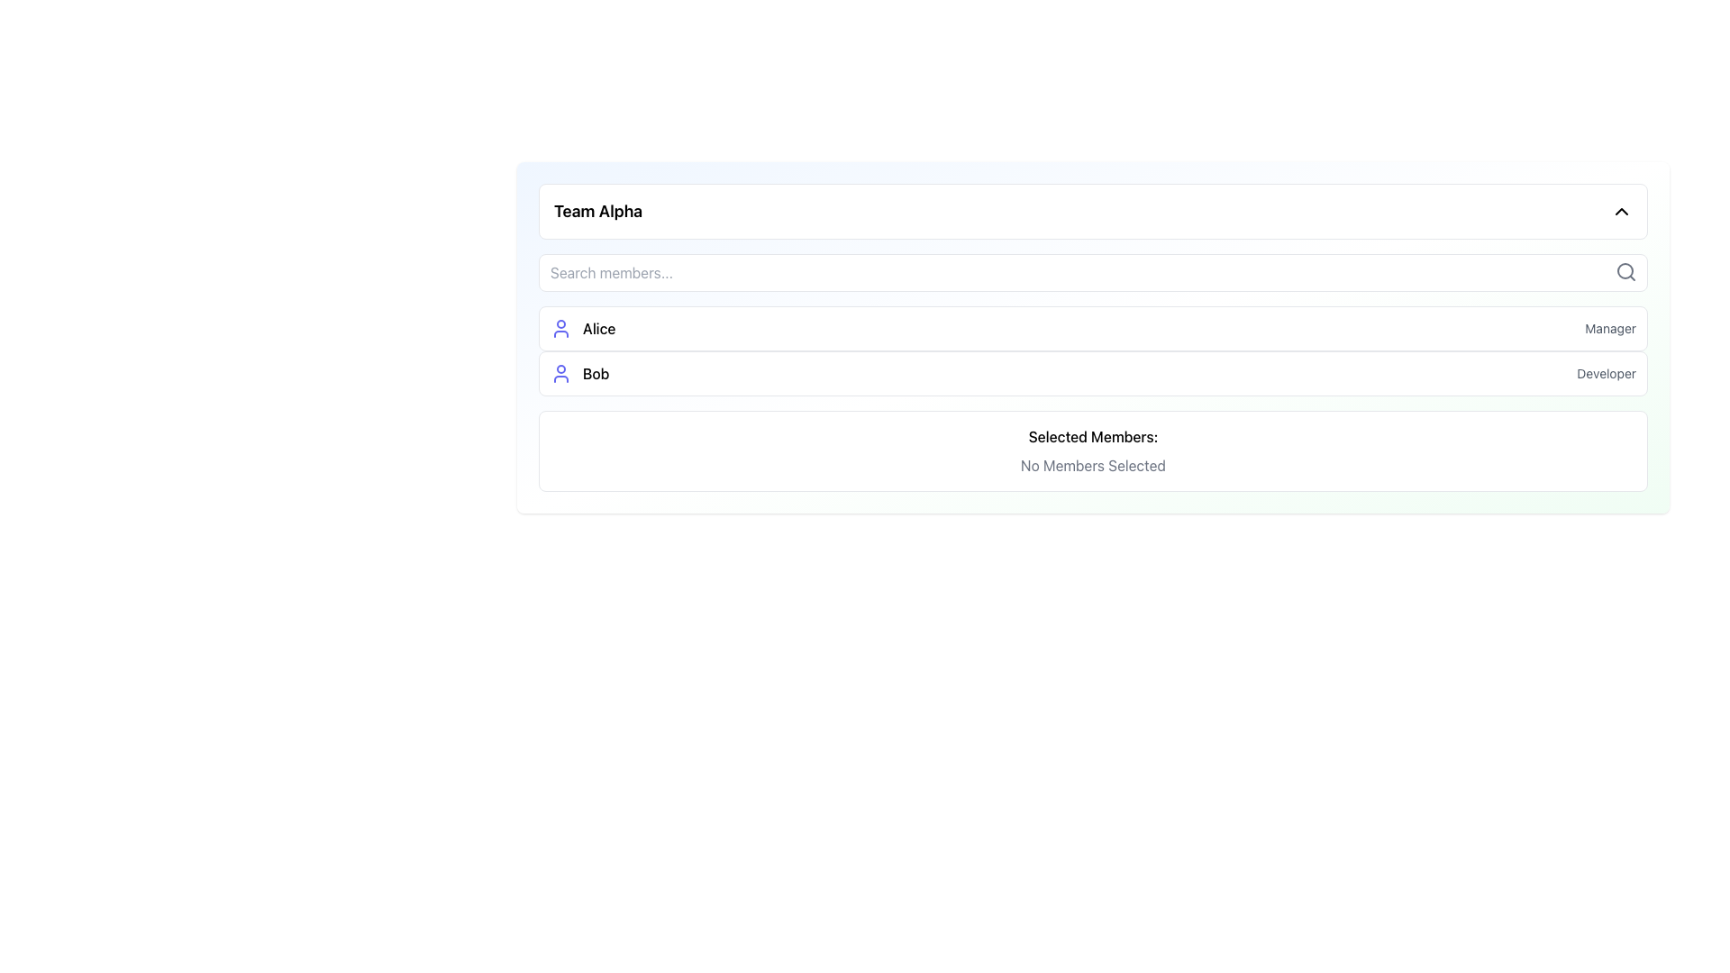 The width and height of the screenshot is (1730, 973). Describe the element at coordinates (599, 329) in the screenshot. I see `the static text label displaying the name 'Alice', which represents the first entry in the member list` at that location.